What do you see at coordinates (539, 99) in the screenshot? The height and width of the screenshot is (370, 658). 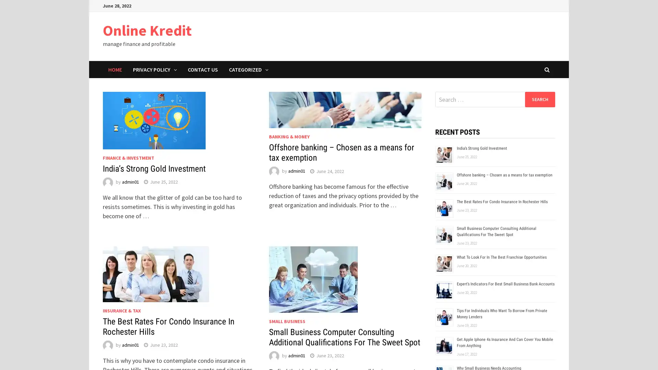 I see `Search` at bounding box center [539, 99].